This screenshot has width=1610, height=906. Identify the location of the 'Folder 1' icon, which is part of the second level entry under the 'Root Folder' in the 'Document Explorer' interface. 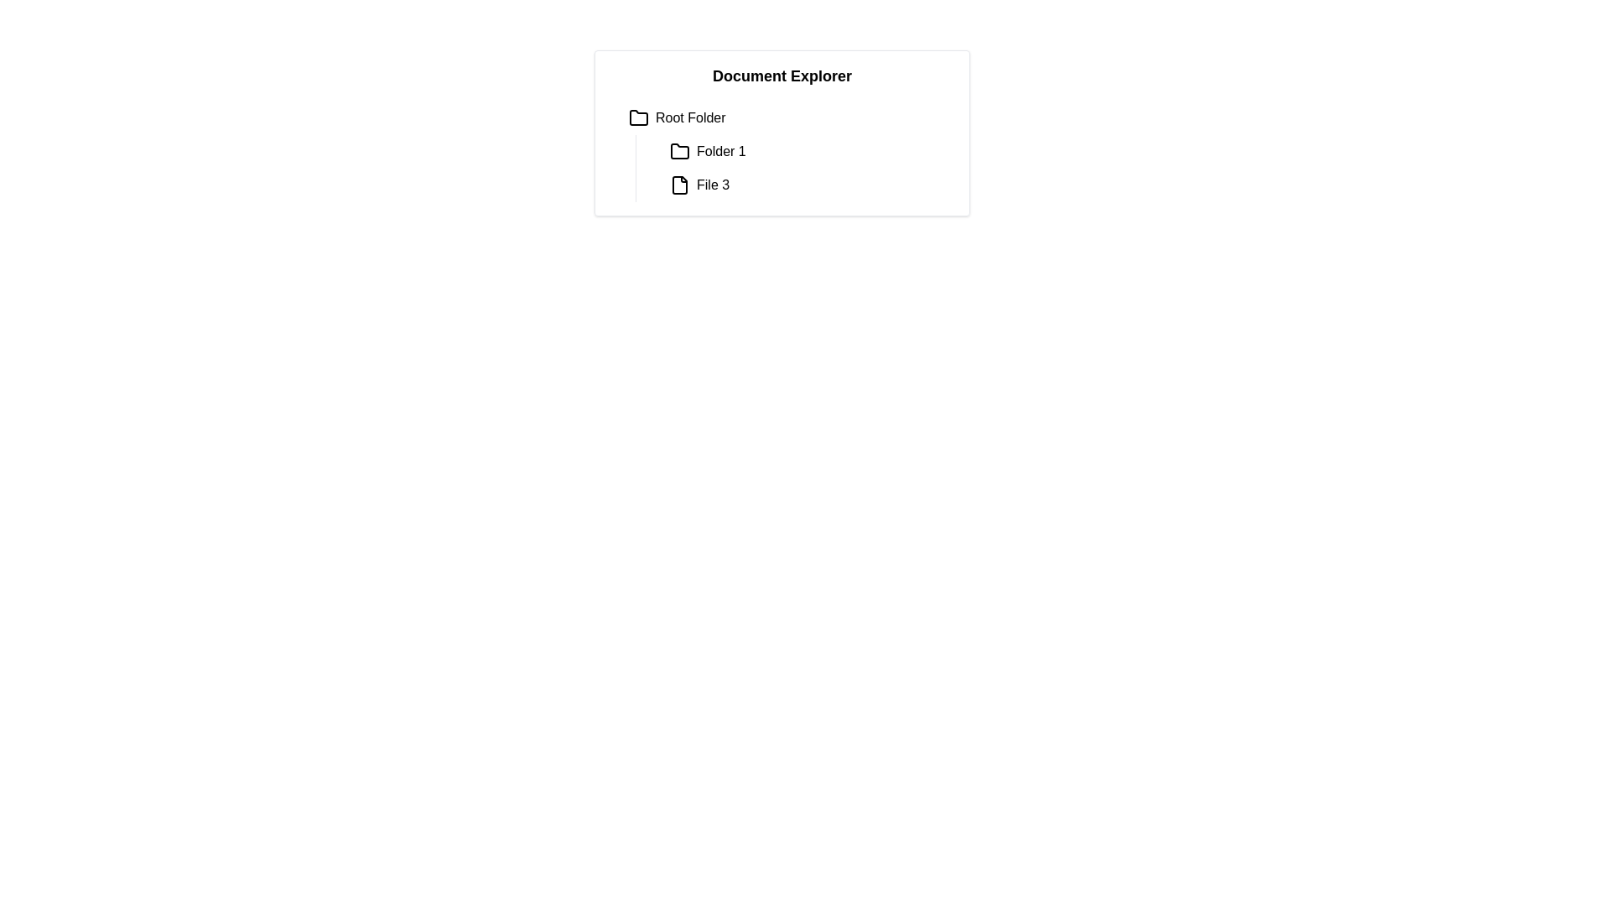
(680, 151).